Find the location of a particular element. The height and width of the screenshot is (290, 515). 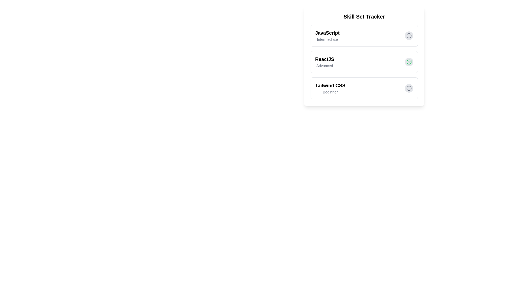

the 'Tailwind CSS' skill card which displays 'Tailwind CSS' in bold and 'Beginner' in gray text is located at coordinates (330, 88).